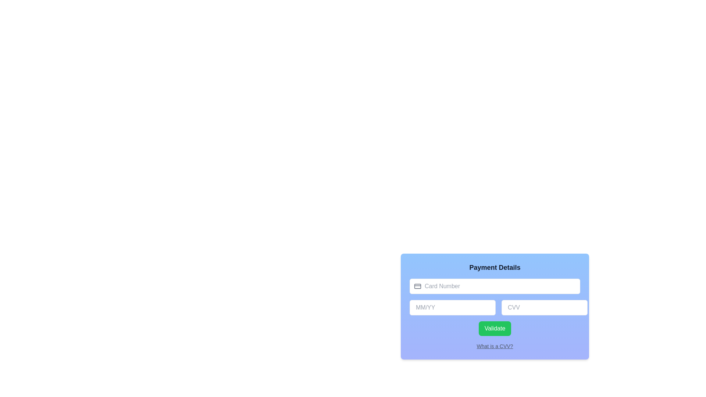 The width and height of the screenshot is (706, 397). Describe the element at coordinates (495, 346) in the screenshot. I see `the text link labeled 'What is a CVV?' which is styled with an underline and located in a blue rounded card interface, positioned beneath the 'Validate' button` at that location.